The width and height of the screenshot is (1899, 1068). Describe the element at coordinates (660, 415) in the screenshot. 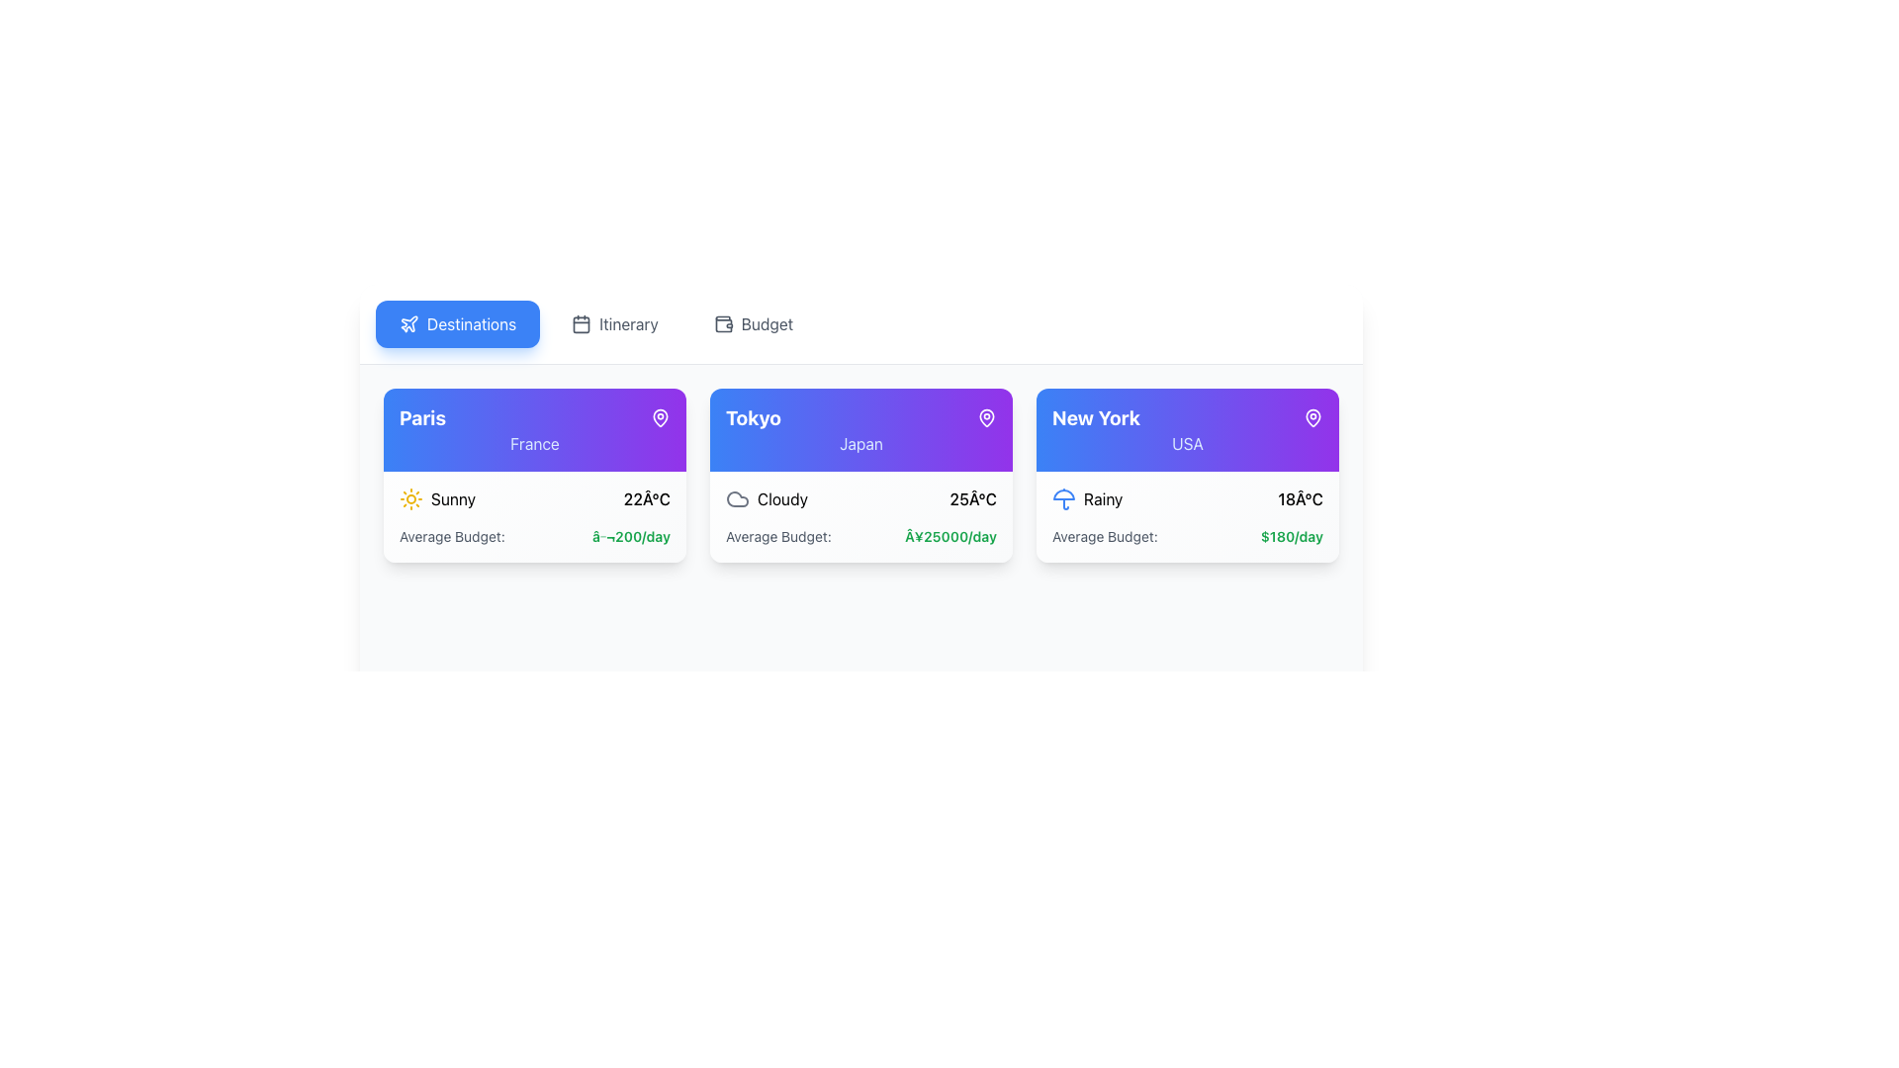

I see `the vivid purple pin icon located in the upper right corner of the 'Paris' card to interact with it` at that location.